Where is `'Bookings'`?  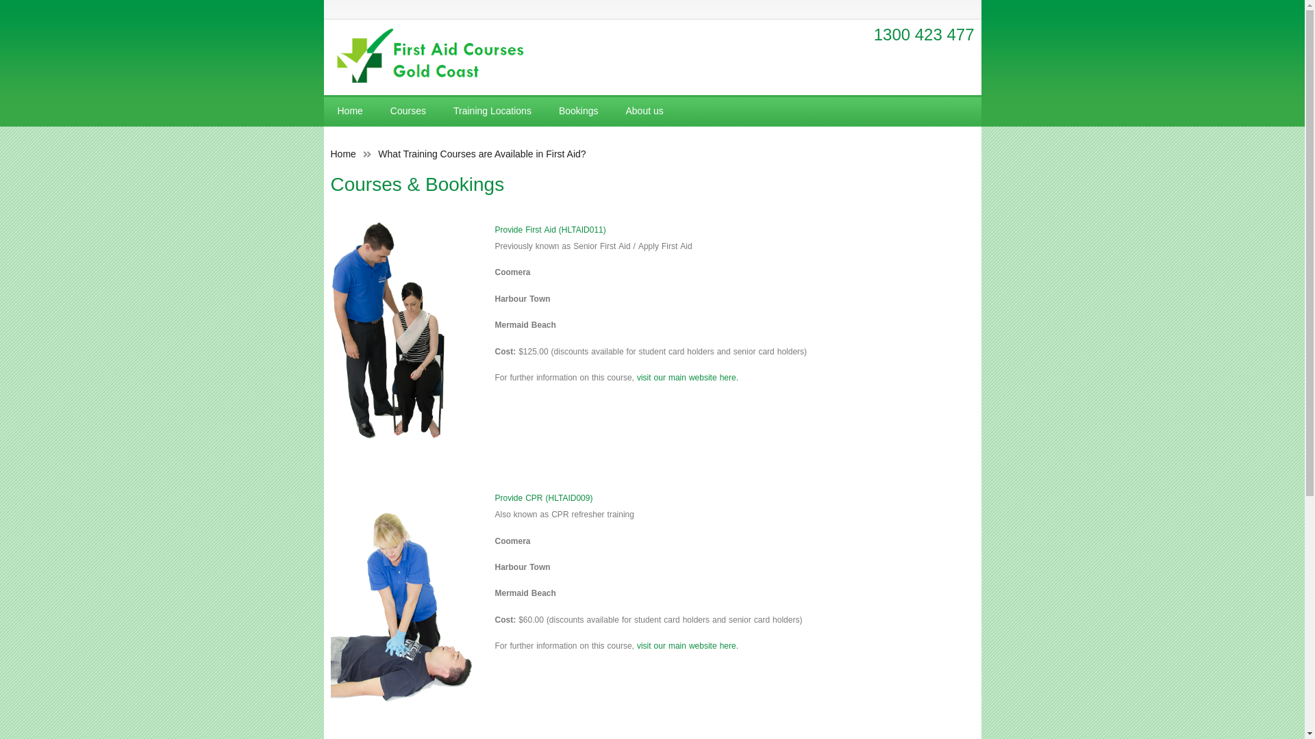
'Bookings' is located at coordinates (578, 110).